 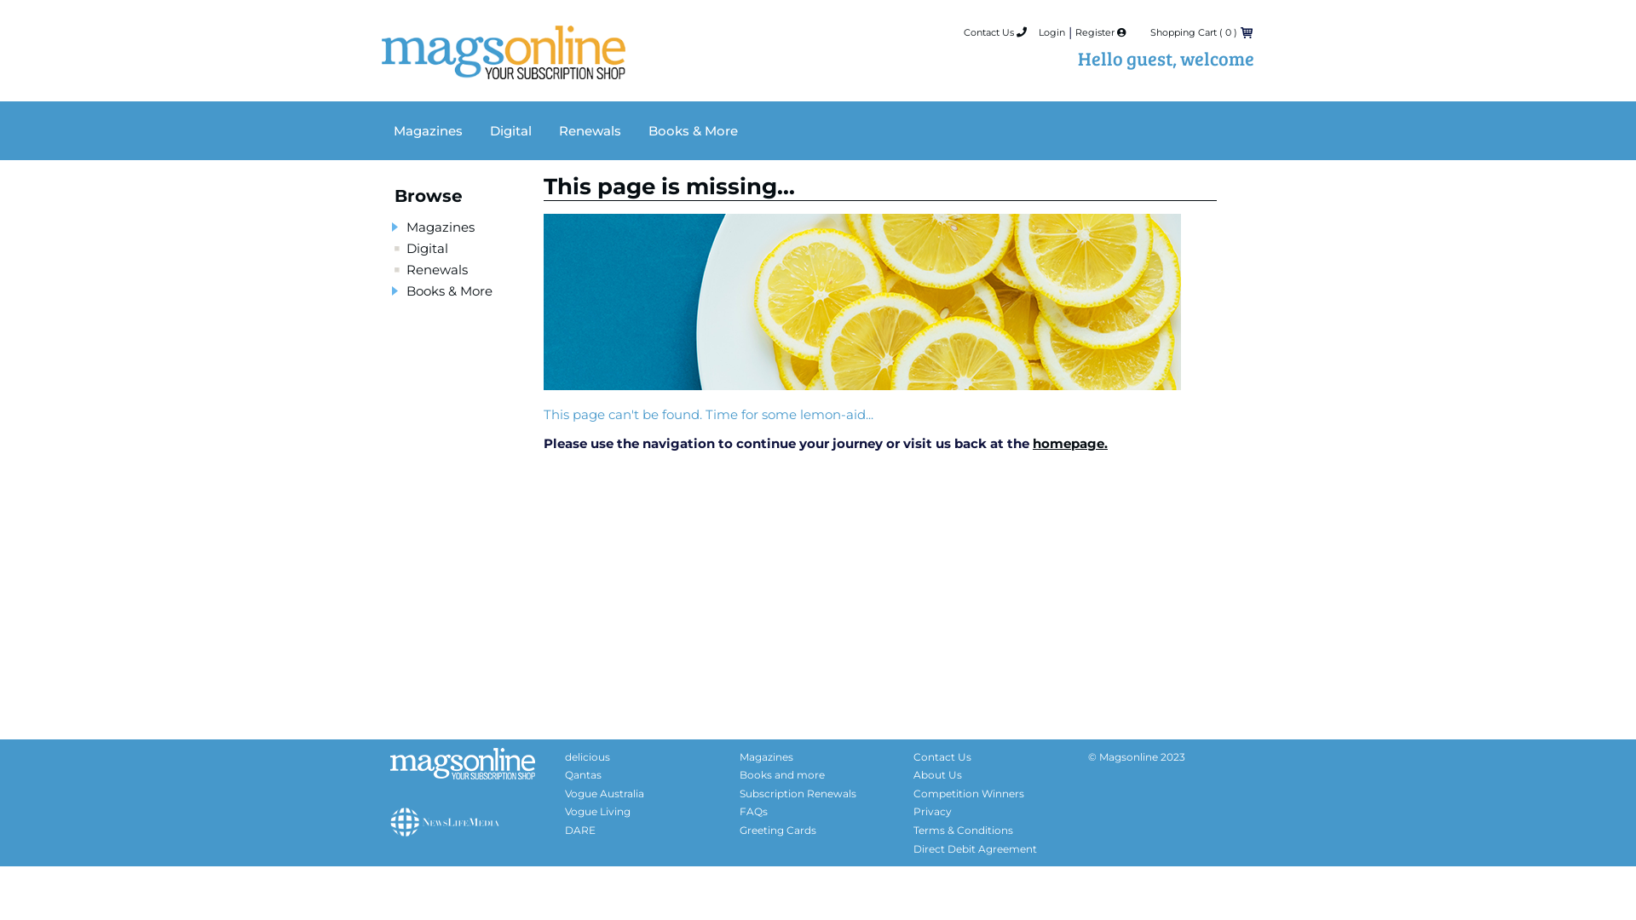 What do you see at coordinates (1069, 442) in the screenshot?
I see `'homepage.'` at bounding box center [1069, 442].